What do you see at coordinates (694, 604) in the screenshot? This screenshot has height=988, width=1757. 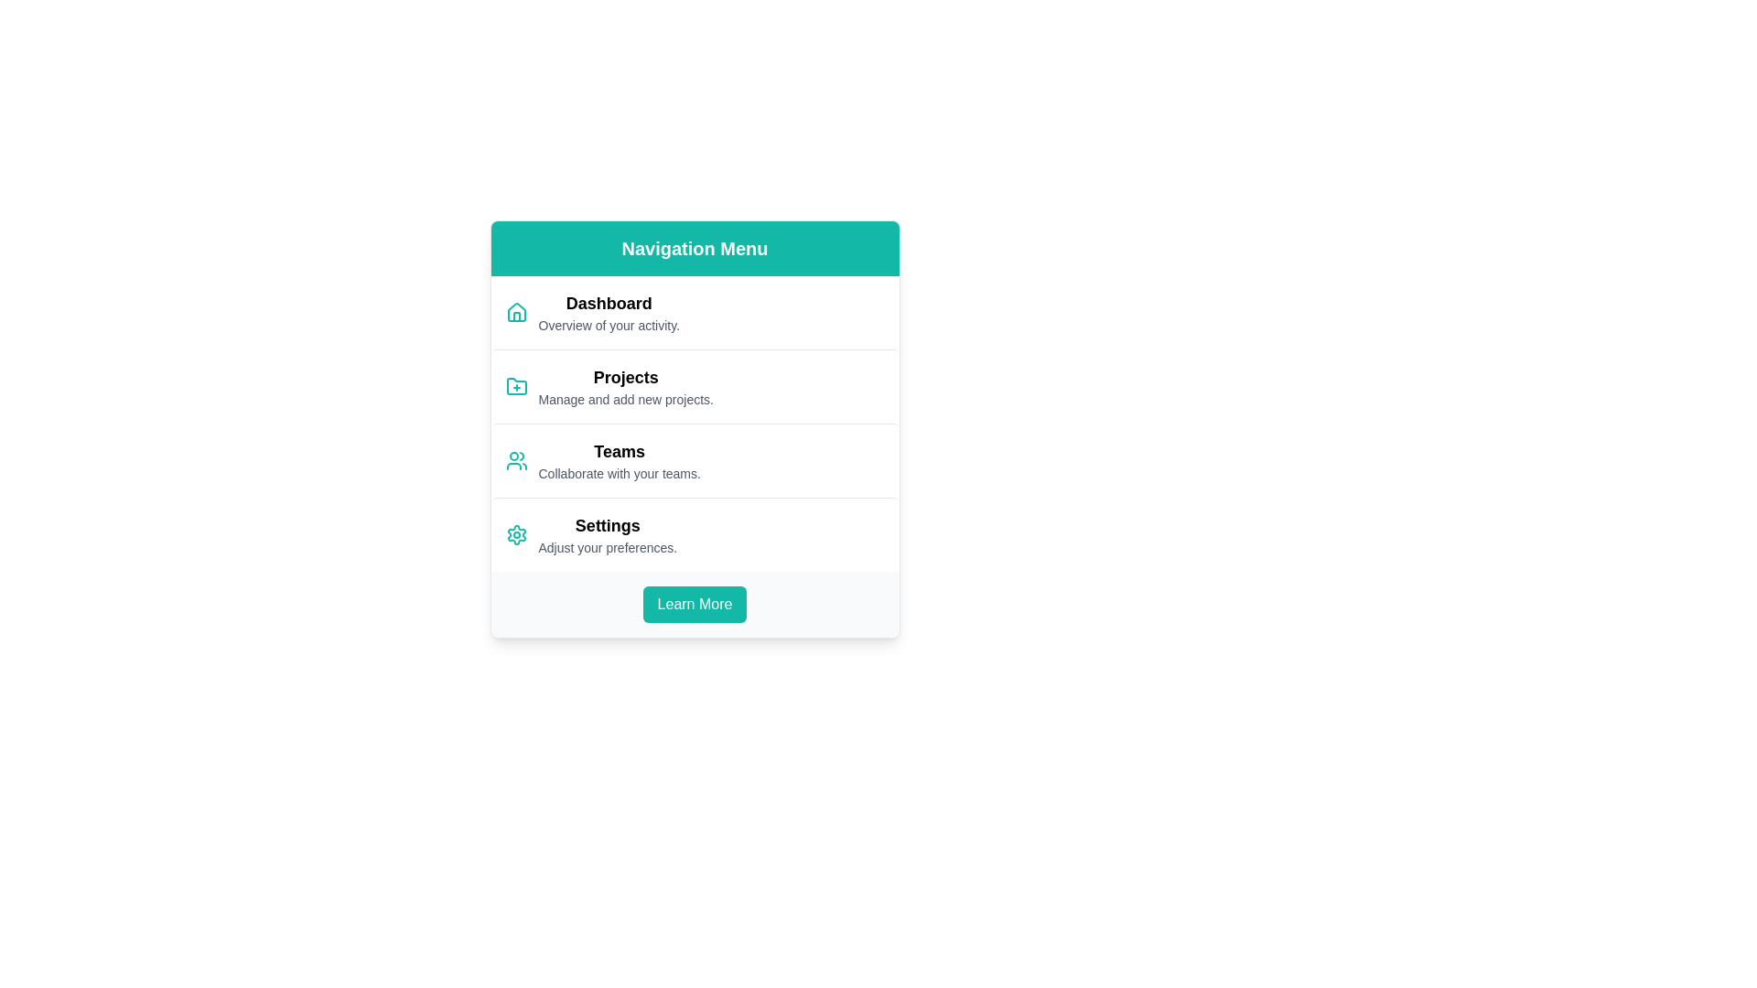 I see `the 'Learn More' button, which is a teal rectangular button with rounded edges and white sans-serif text, to observe its hover effects` at bounding box center [694, 604].